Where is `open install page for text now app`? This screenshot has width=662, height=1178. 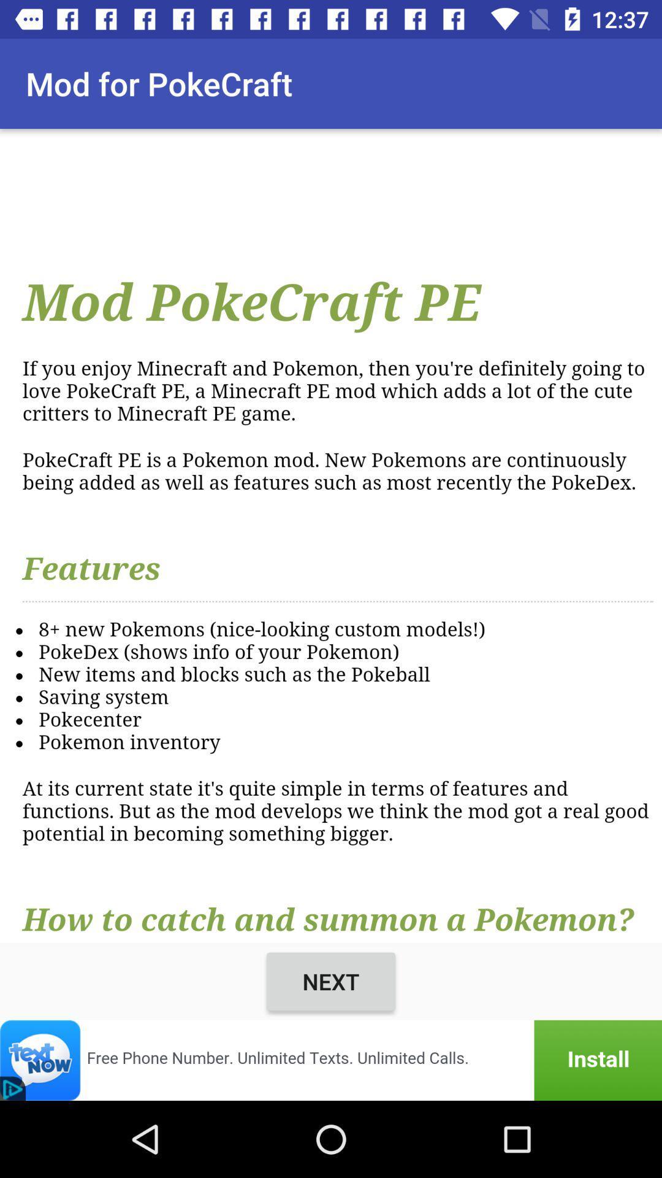
open install page for text now app is located at coordinates (331, 1060).